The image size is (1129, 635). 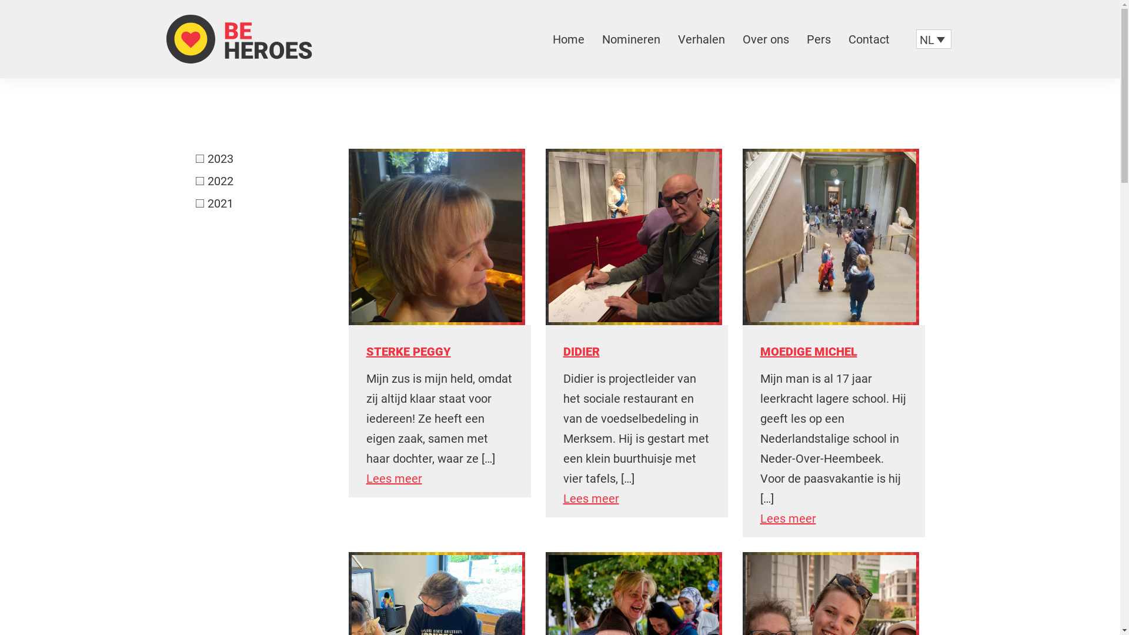 What do you see at coordinates (365, 478) in the screenshot?
I see `'Lees meer'` at bounding box center [365, 478].